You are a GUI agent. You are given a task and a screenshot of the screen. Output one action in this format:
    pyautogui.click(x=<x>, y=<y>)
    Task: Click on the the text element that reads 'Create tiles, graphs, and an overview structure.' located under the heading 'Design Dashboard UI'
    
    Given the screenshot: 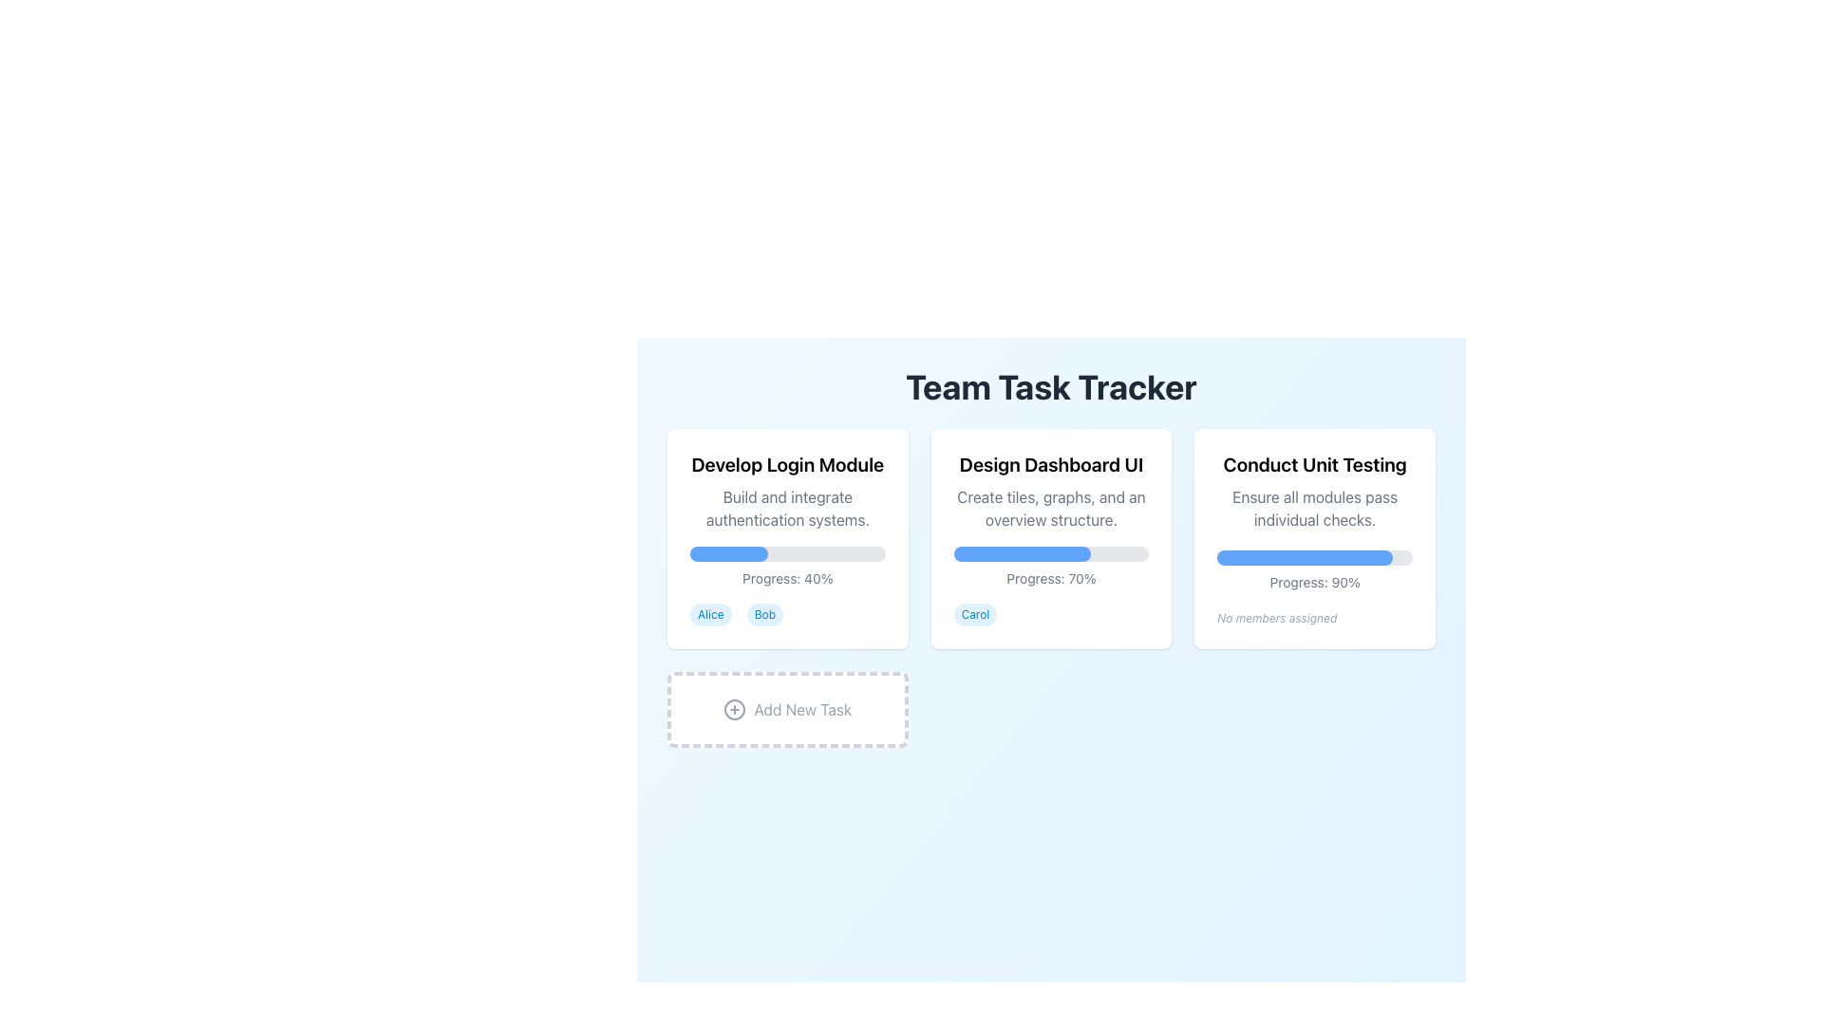 What is the action you would take?
    pyautogui.click(x=1050, y=508)
    